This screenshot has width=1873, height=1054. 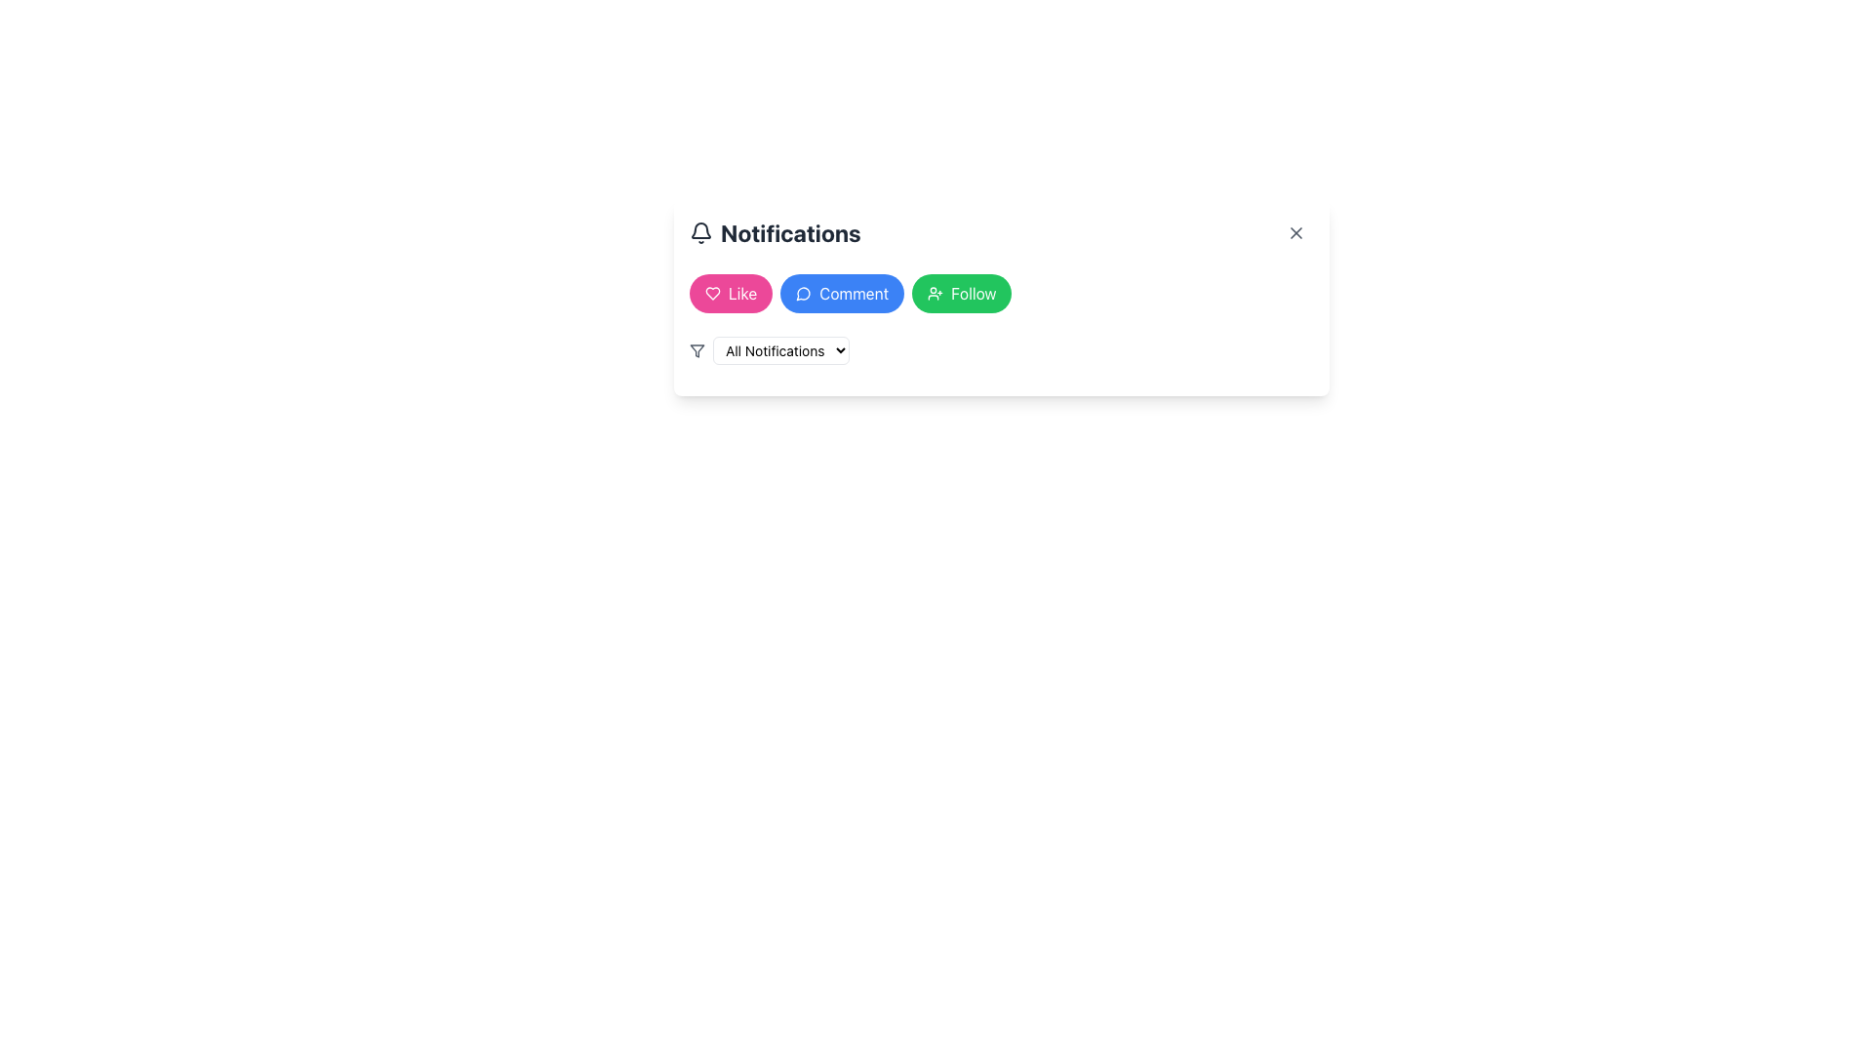 I want to click on the user profile icon with a '+' sign inside the green 'Follow' button, which is part of a row of action buttons, so click(x=935, y=293).